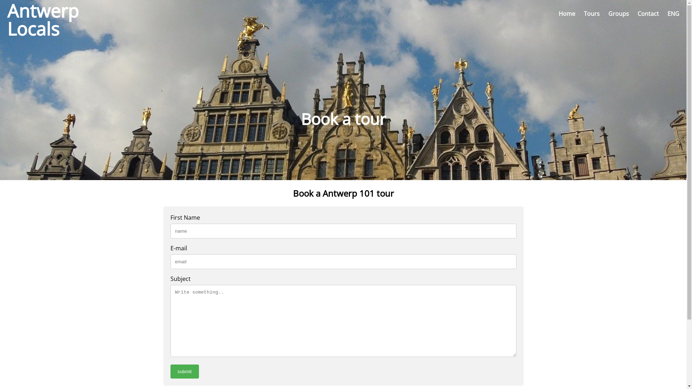 This screenshot has width=692, height=389. What do you see at coordinates (591, 14) in the screenshot?
I see `'Tours'` at bounding box center [591, 14].